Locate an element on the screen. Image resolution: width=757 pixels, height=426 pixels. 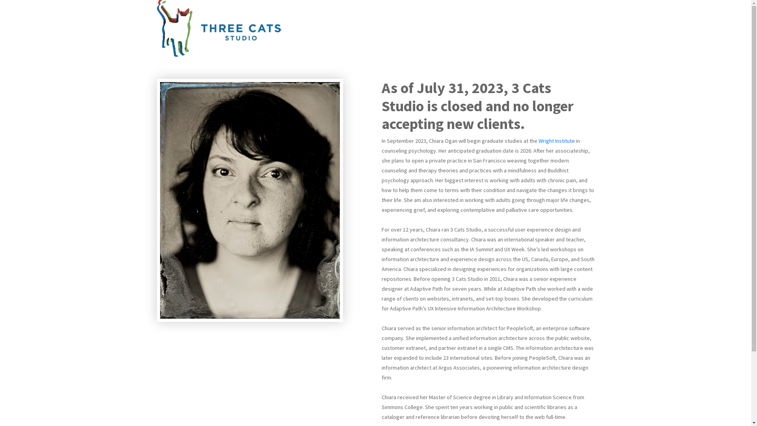
'Wright Institute' is located at coordinates (556, 140).